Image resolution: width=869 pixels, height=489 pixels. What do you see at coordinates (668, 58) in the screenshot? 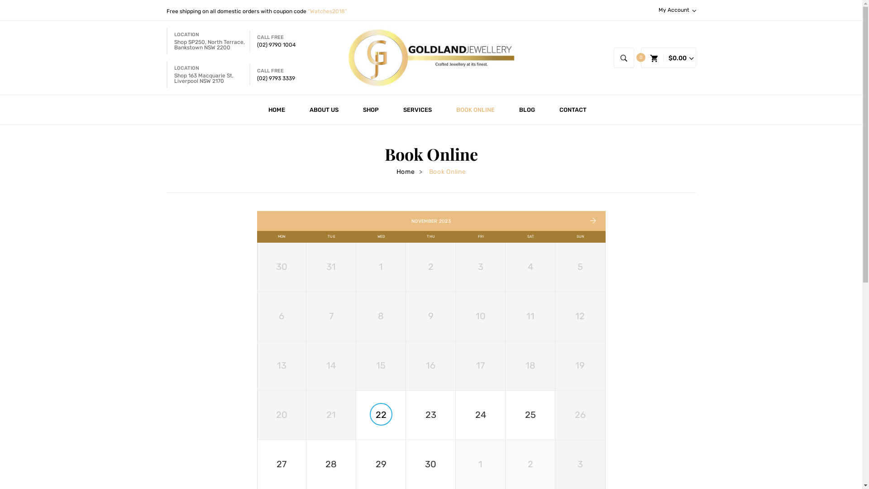
I see `'My cart` at bounding box center [668, 58].